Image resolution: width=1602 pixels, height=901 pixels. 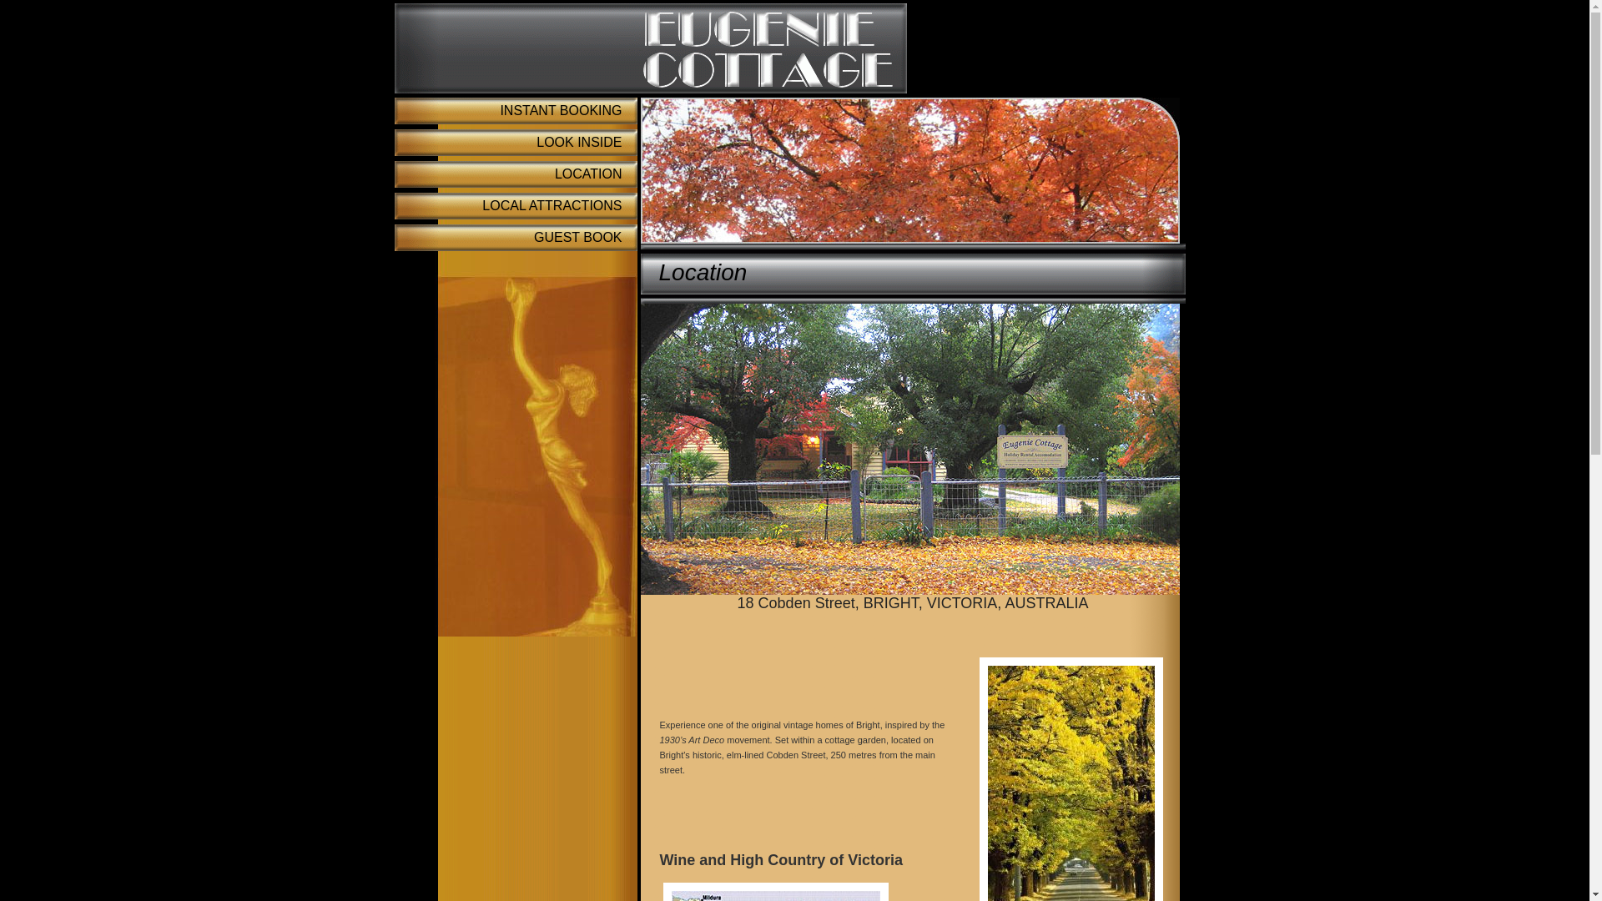 I want to click on 'LOOK INSIDE', so click(x=514, y=141).